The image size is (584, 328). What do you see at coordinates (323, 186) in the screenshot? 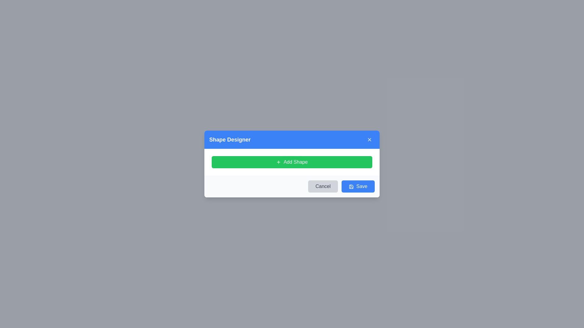
I see `the cancel button located in the bottom-right section of the 'Shape Designer' modal` at bounding box center [323, 186].